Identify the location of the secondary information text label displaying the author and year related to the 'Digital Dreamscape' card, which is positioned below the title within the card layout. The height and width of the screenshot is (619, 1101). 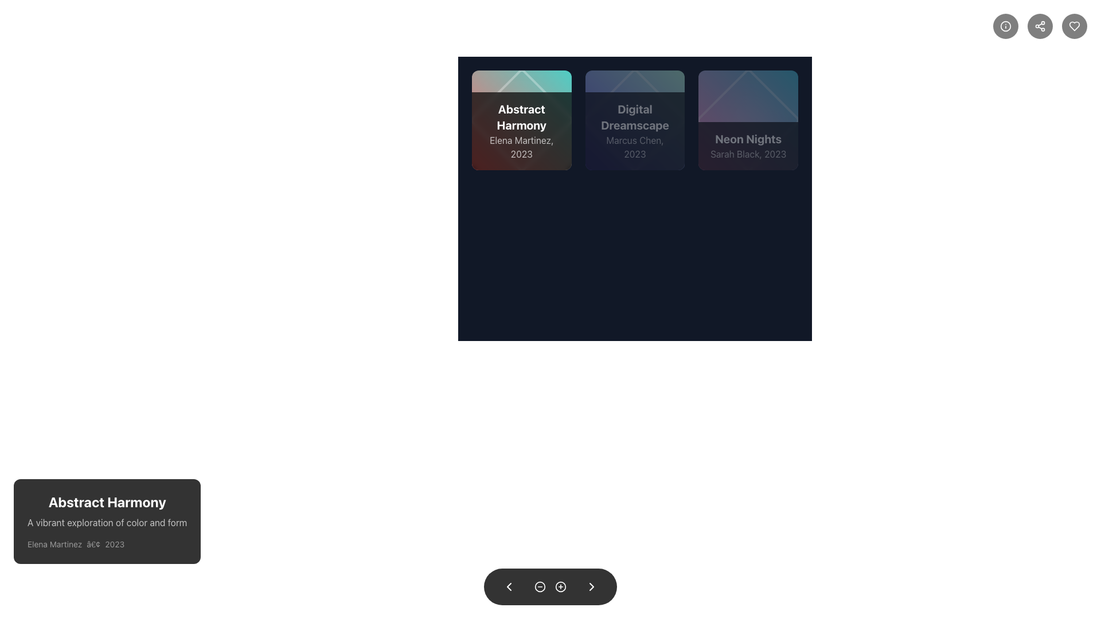
(634, 146).